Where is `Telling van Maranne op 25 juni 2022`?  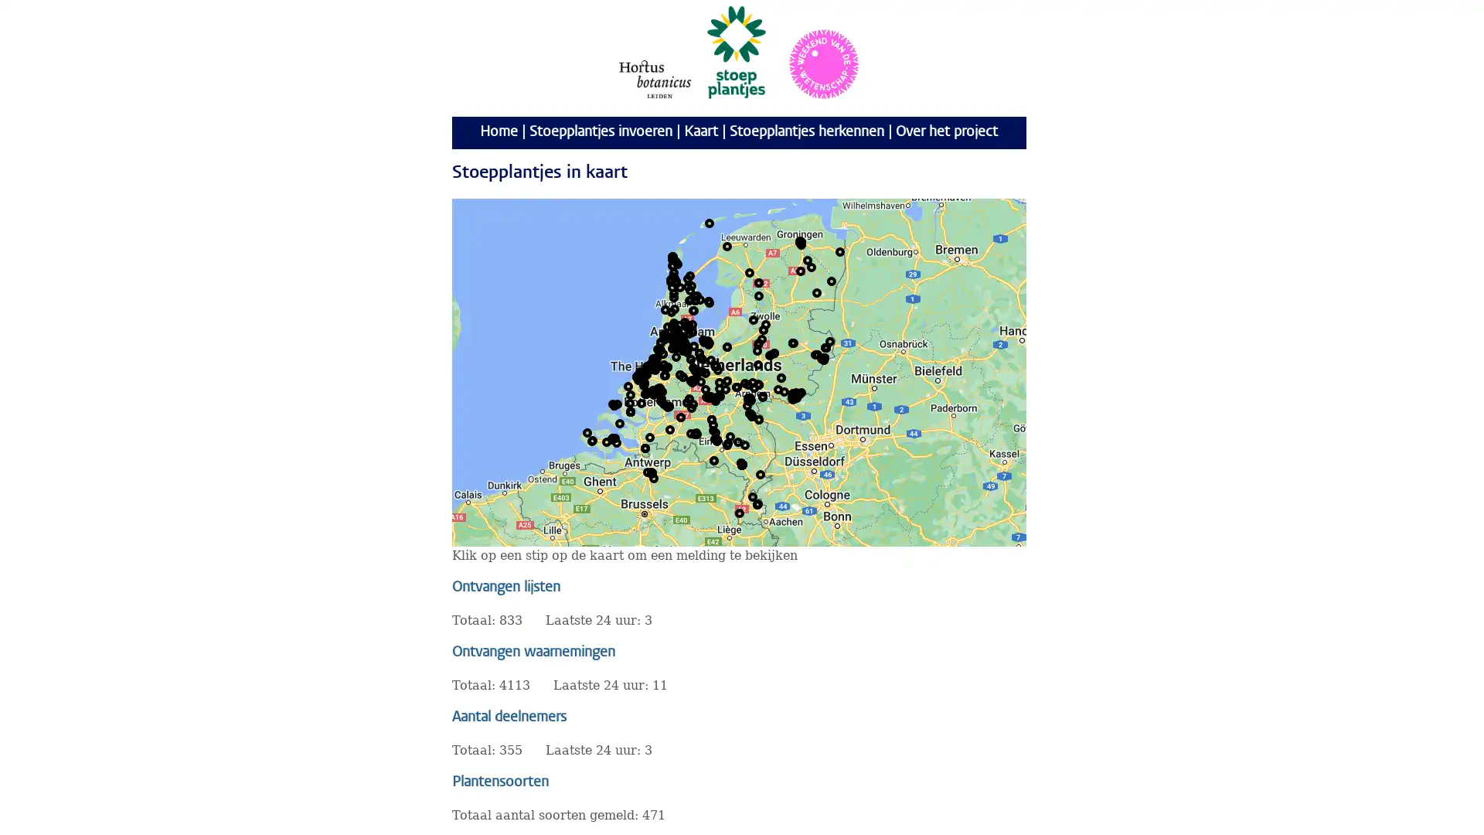 Telling van Maranne op 25 juni 2022 is located at coordinates (759, 383).